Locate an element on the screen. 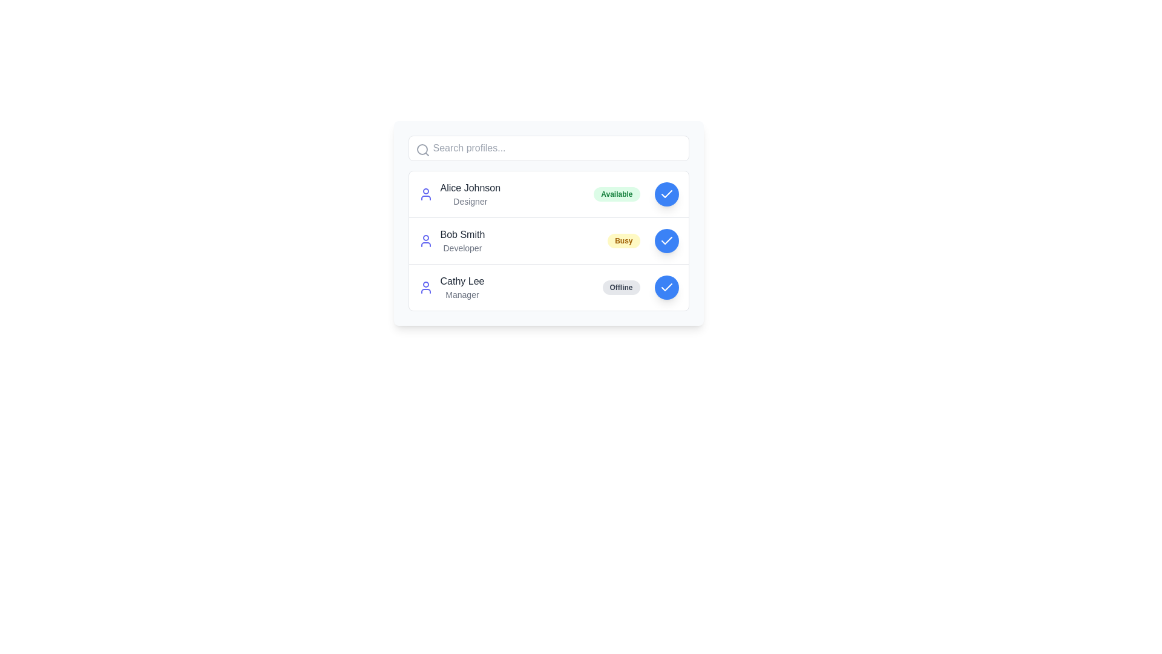  the checkmark icon within the blue circular button located to the right of Alice Johnson's profile details is located at coordinates (666, 193).